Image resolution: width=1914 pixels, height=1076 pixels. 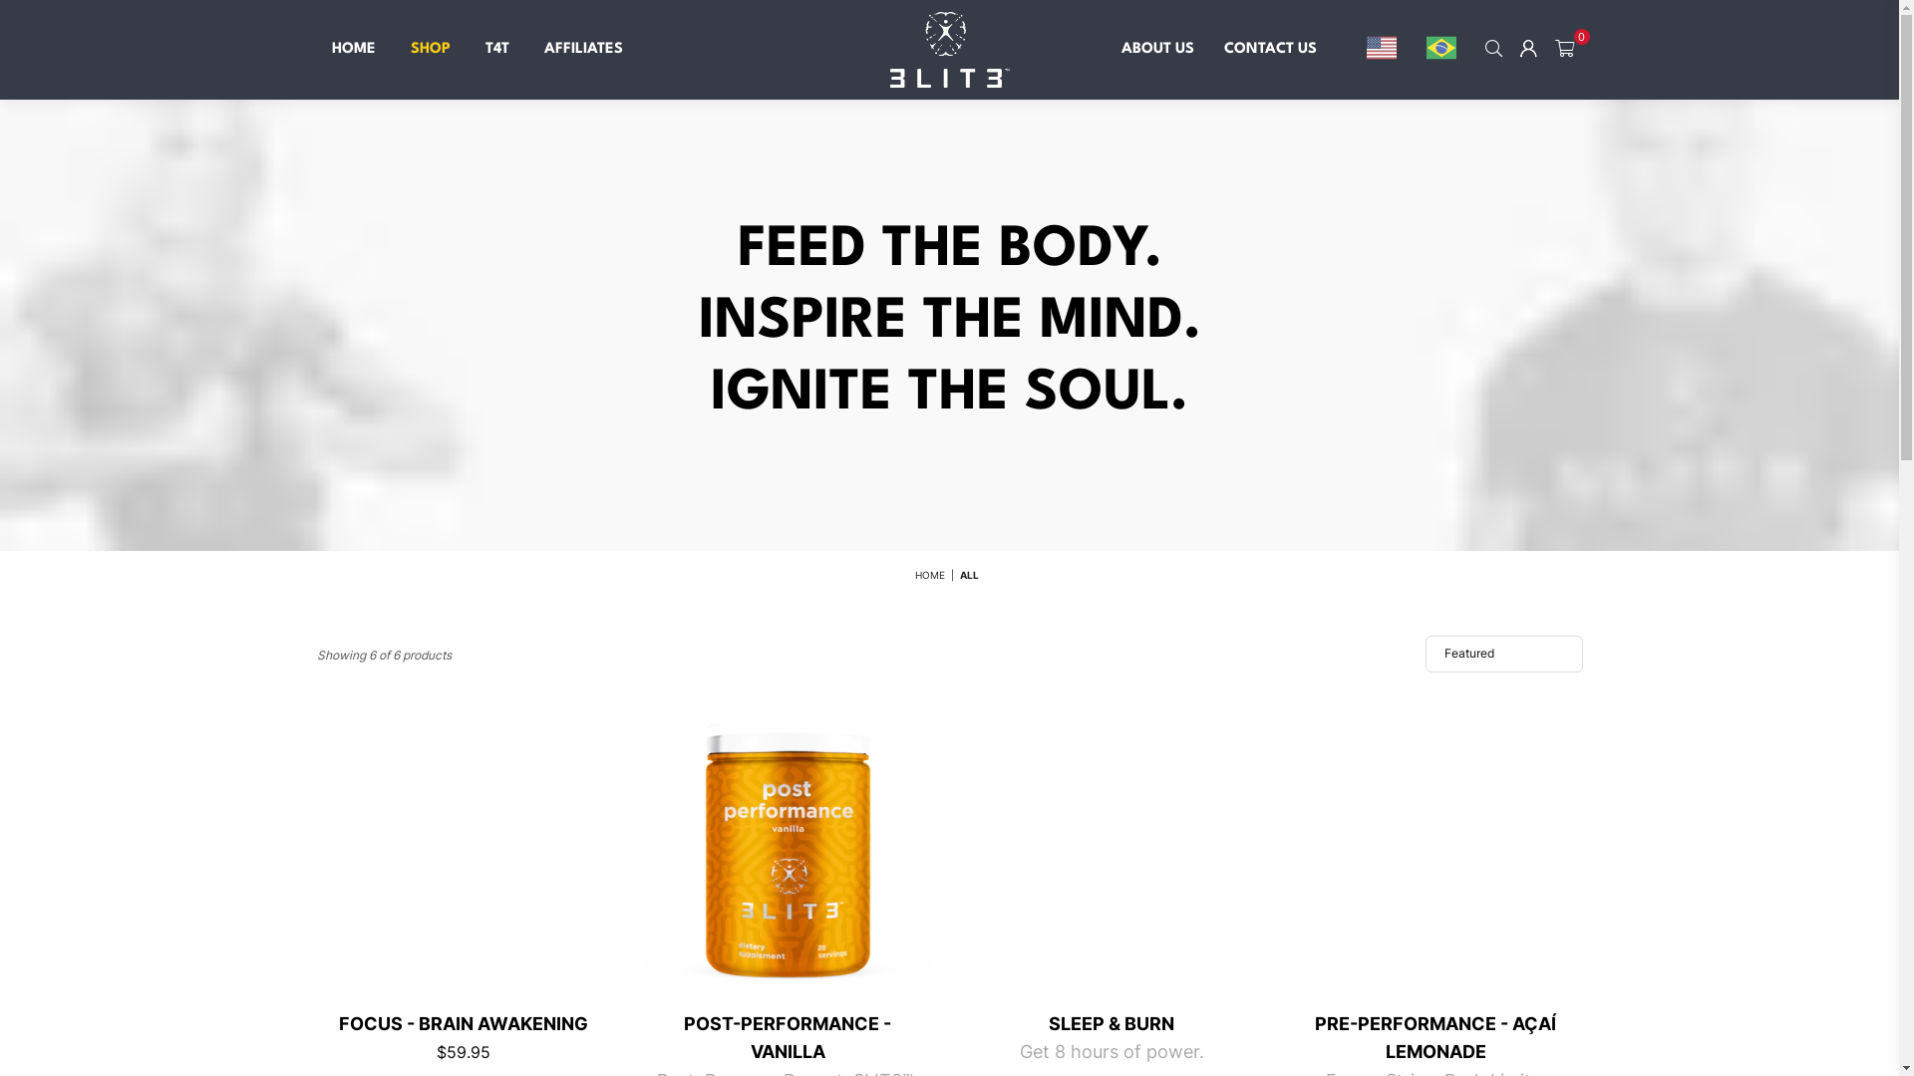 What do you see at coordinates (1562, 49) in the screenshot?
I see `'0'` at bounding box center [1562, 49].